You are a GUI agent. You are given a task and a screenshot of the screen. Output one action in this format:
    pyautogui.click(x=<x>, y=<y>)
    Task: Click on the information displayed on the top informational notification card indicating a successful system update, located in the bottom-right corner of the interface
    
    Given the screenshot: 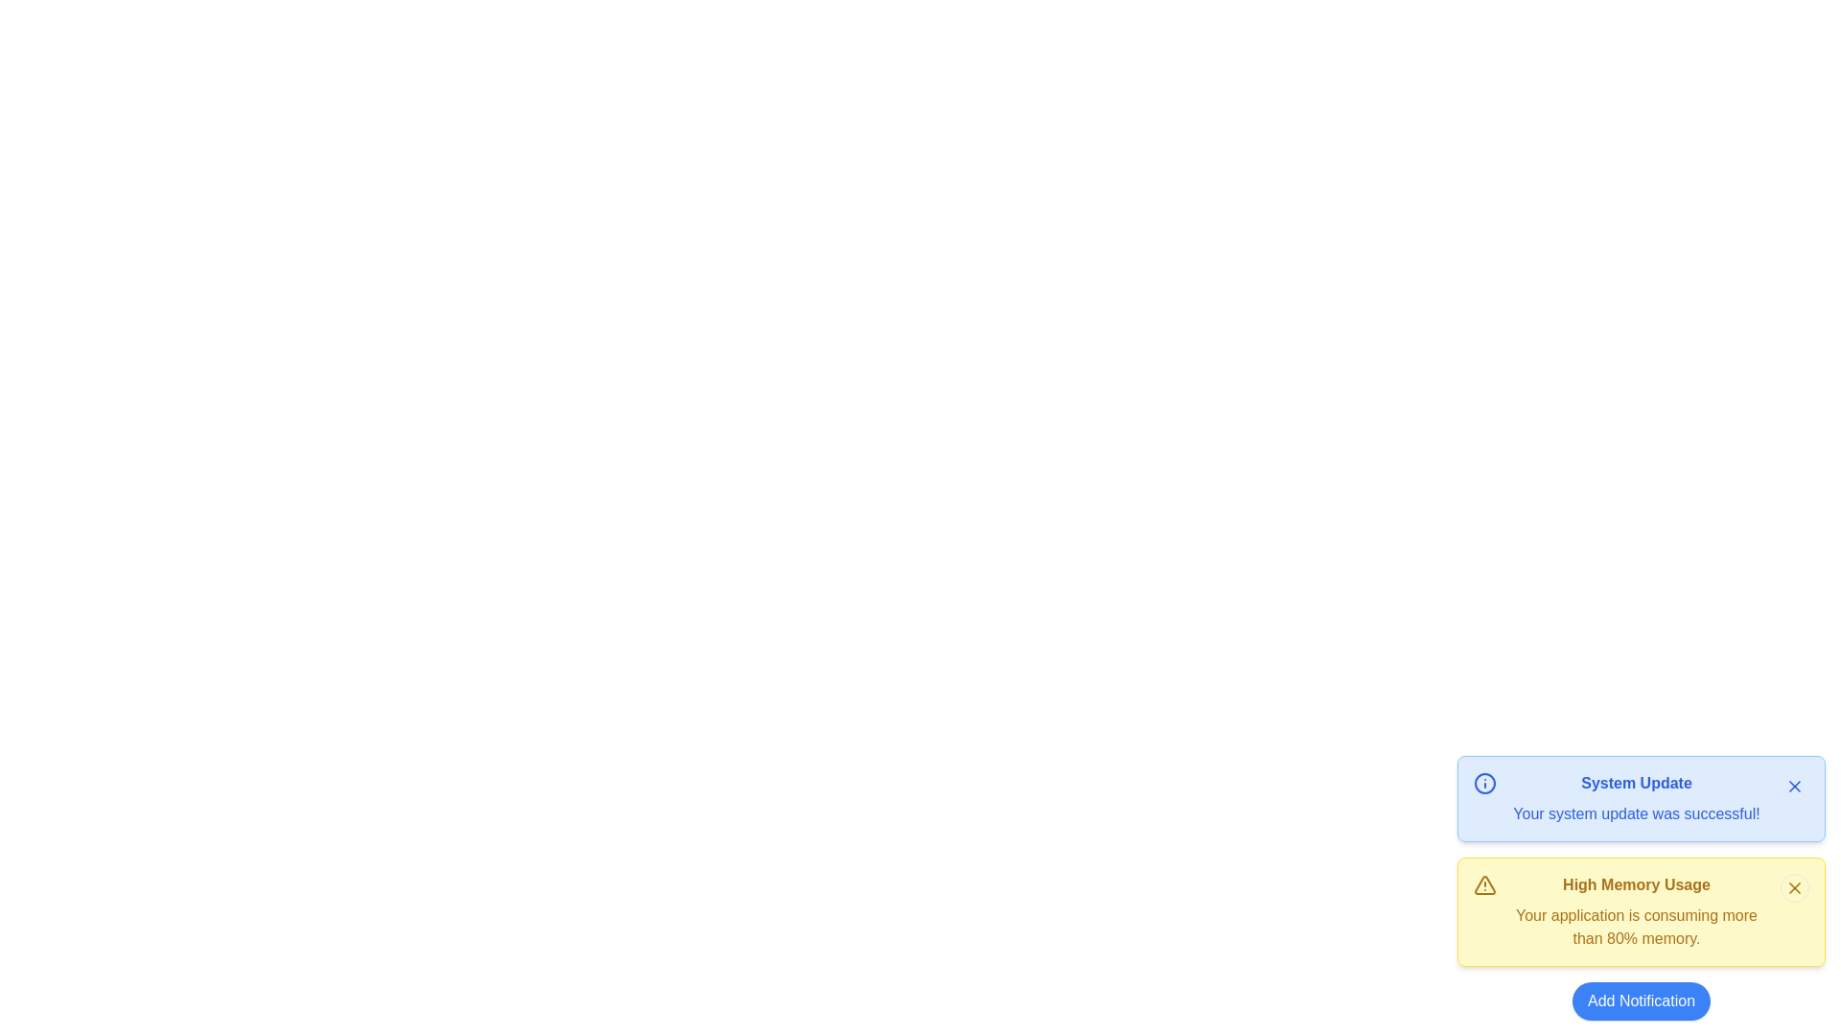 What is the action you would take?
    pyautogui.click(x=1641, y=799)
    